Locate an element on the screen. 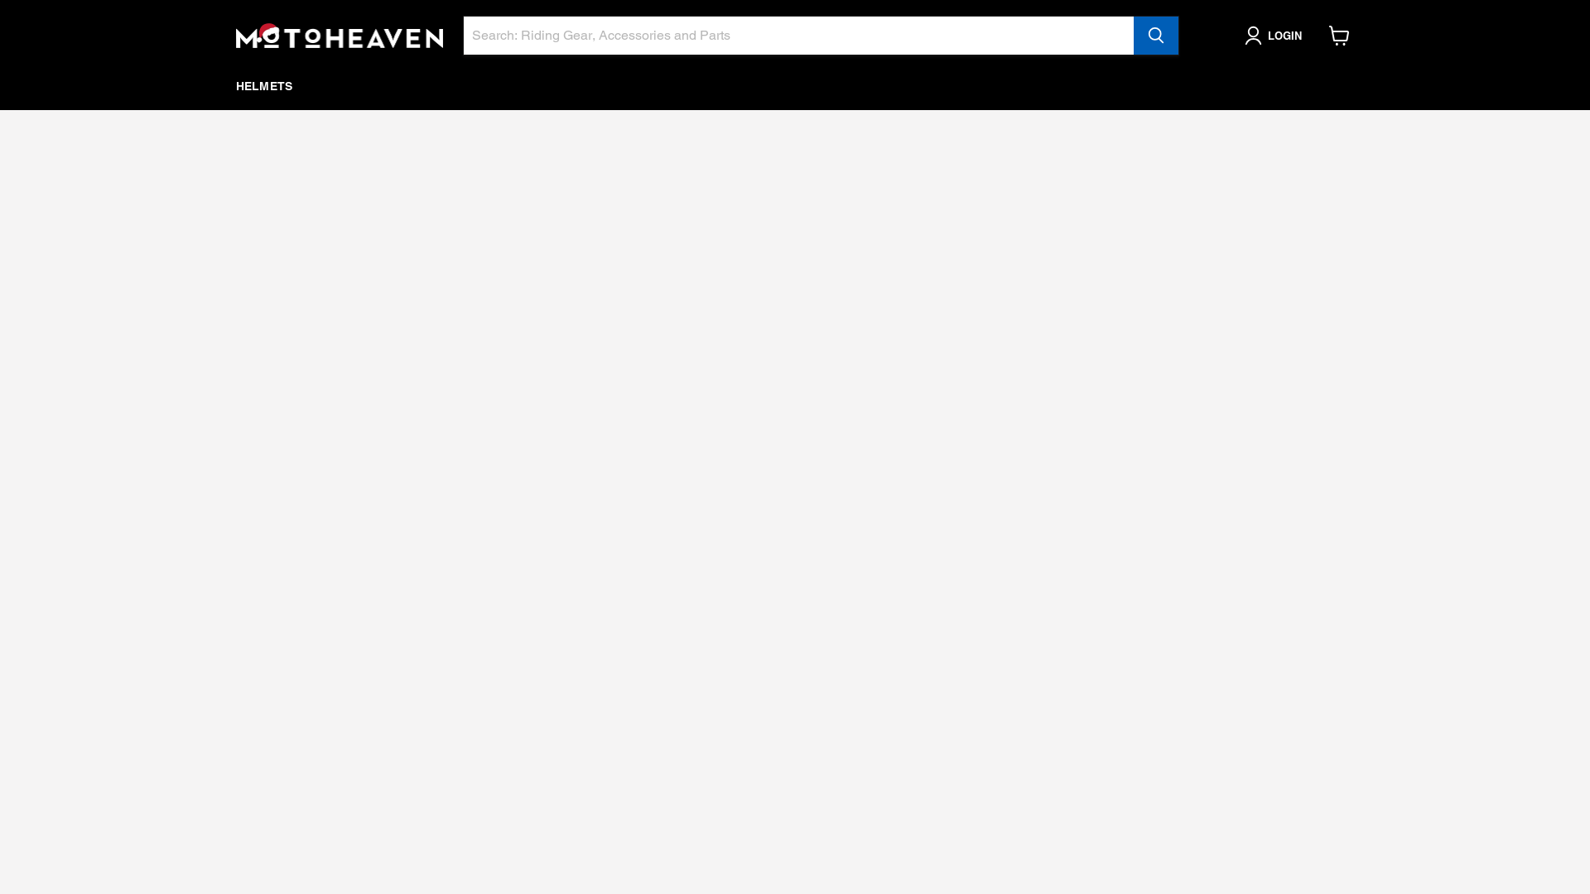 The width and height of the screenshot is (1590, 894). 'View cart' is located at coordinates (1319, 35).